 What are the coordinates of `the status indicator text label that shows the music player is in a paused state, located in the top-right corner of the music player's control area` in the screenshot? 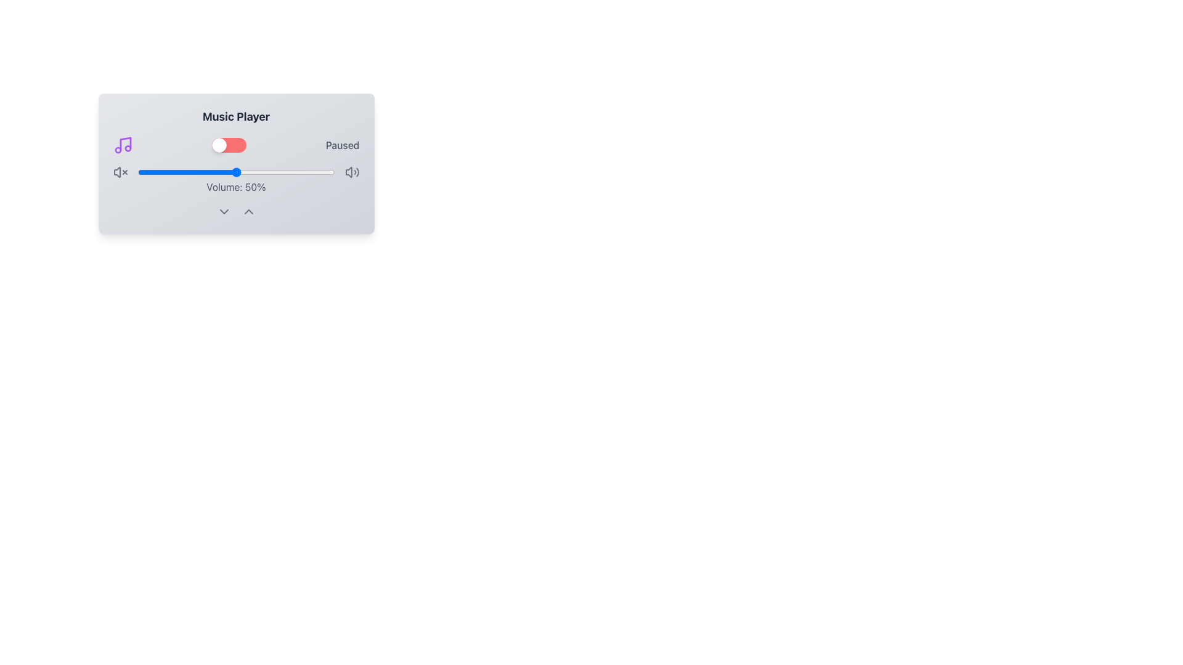 It's located at (343, 144).